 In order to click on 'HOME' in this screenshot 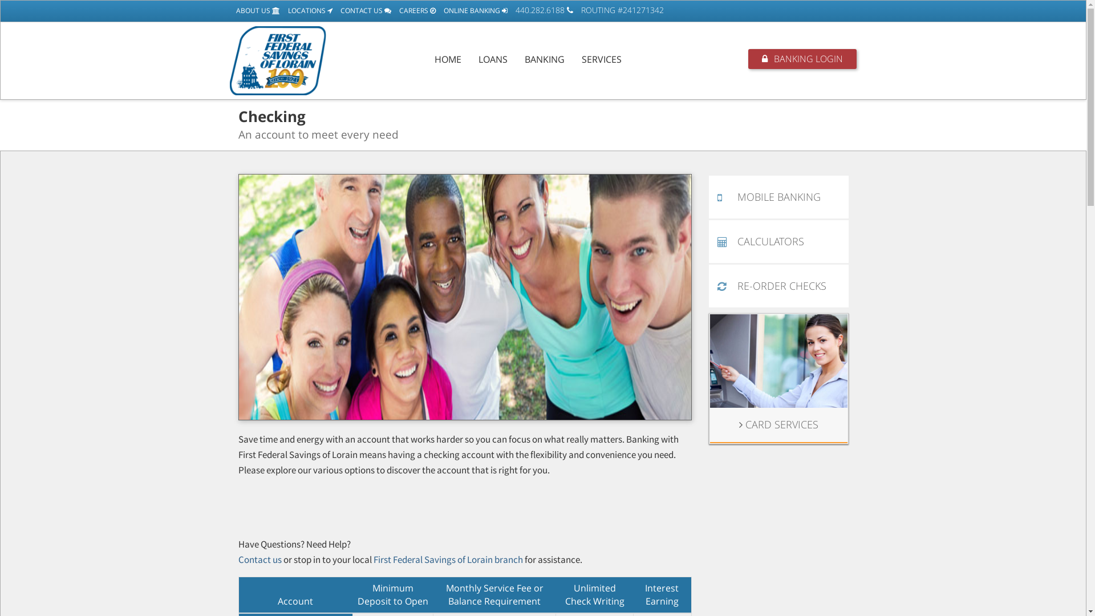, I will do `click(424, 59)`.